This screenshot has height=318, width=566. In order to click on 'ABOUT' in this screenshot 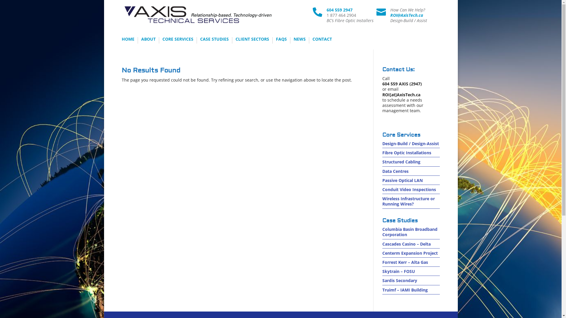, I will do `click(141, 40)`.